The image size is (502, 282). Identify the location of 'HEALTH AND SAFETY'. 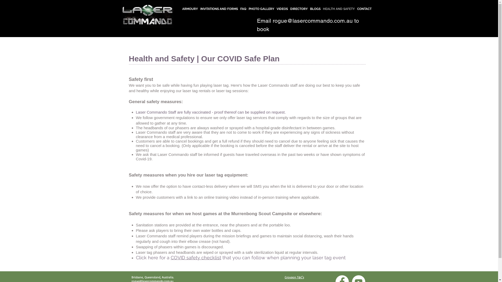
(339, 9).